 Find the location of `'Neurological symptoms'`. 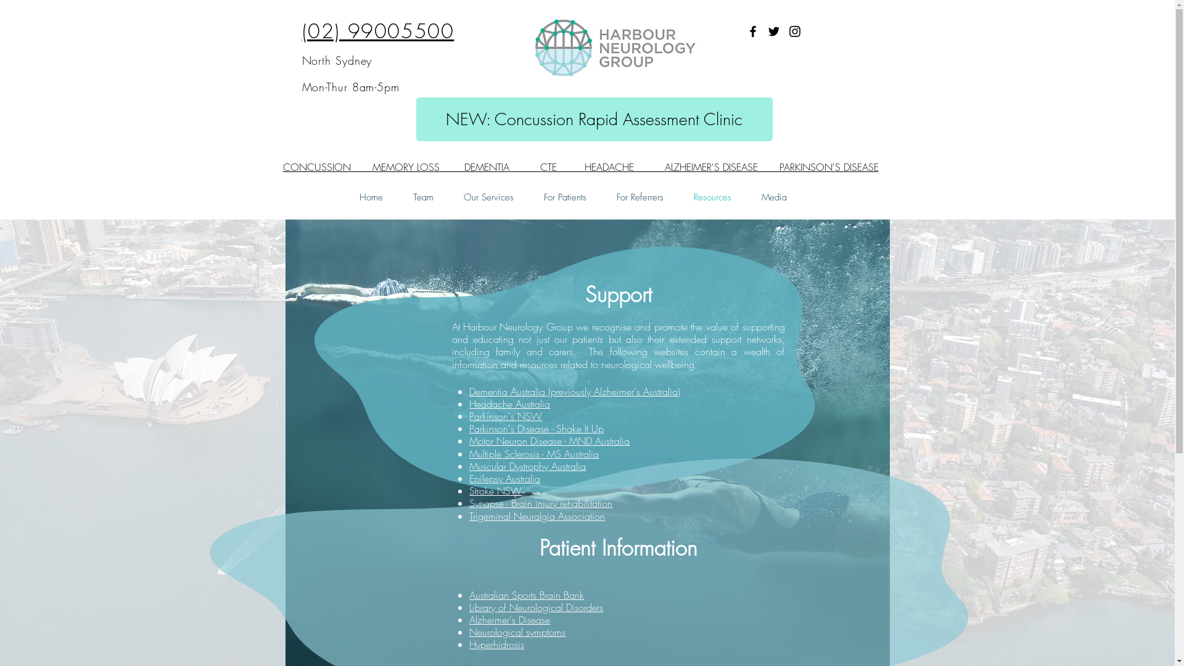

'Neurological symptoms' is located at coordinates (469, 632).